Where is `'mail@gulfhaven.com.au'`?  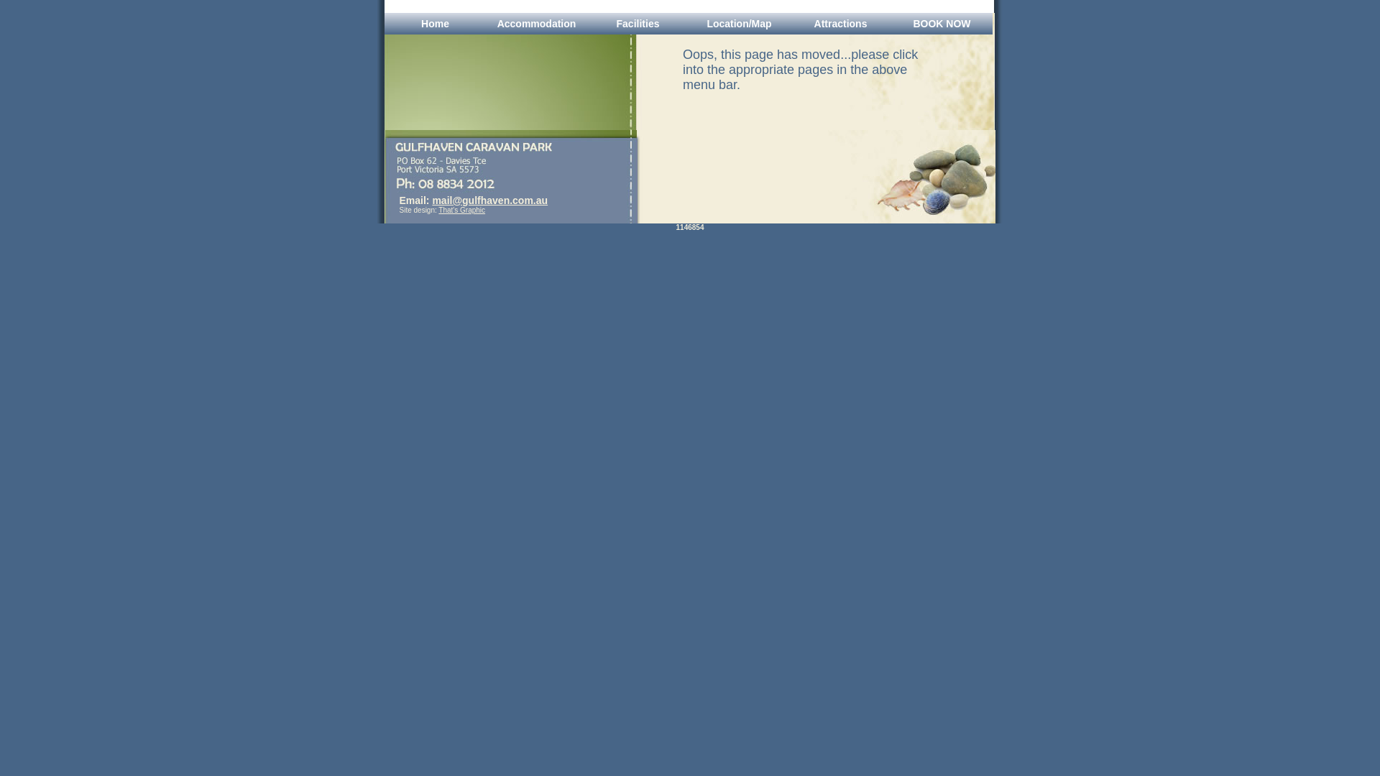
'mail@gulfhaven.com.au' is located at coordinates (489, 200).